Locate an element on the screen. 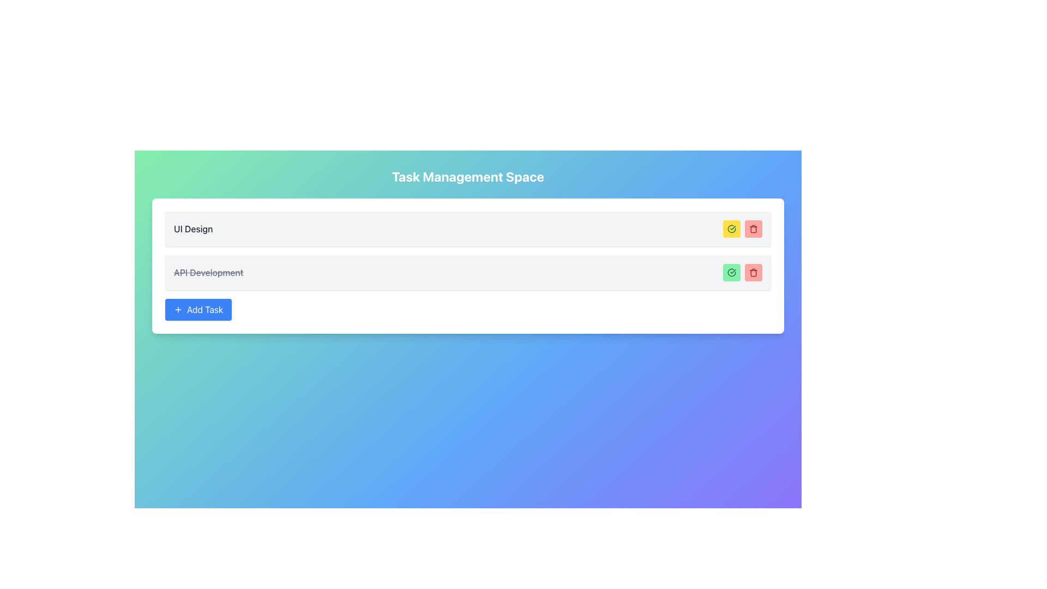 Image resolution: width=1047 pixels, height=589 pixels. the confirmation button with an embedded icon located in the top row of tasks, specifically the second element from the left, to confirm or complete the task is located at coordinates (732, 229).